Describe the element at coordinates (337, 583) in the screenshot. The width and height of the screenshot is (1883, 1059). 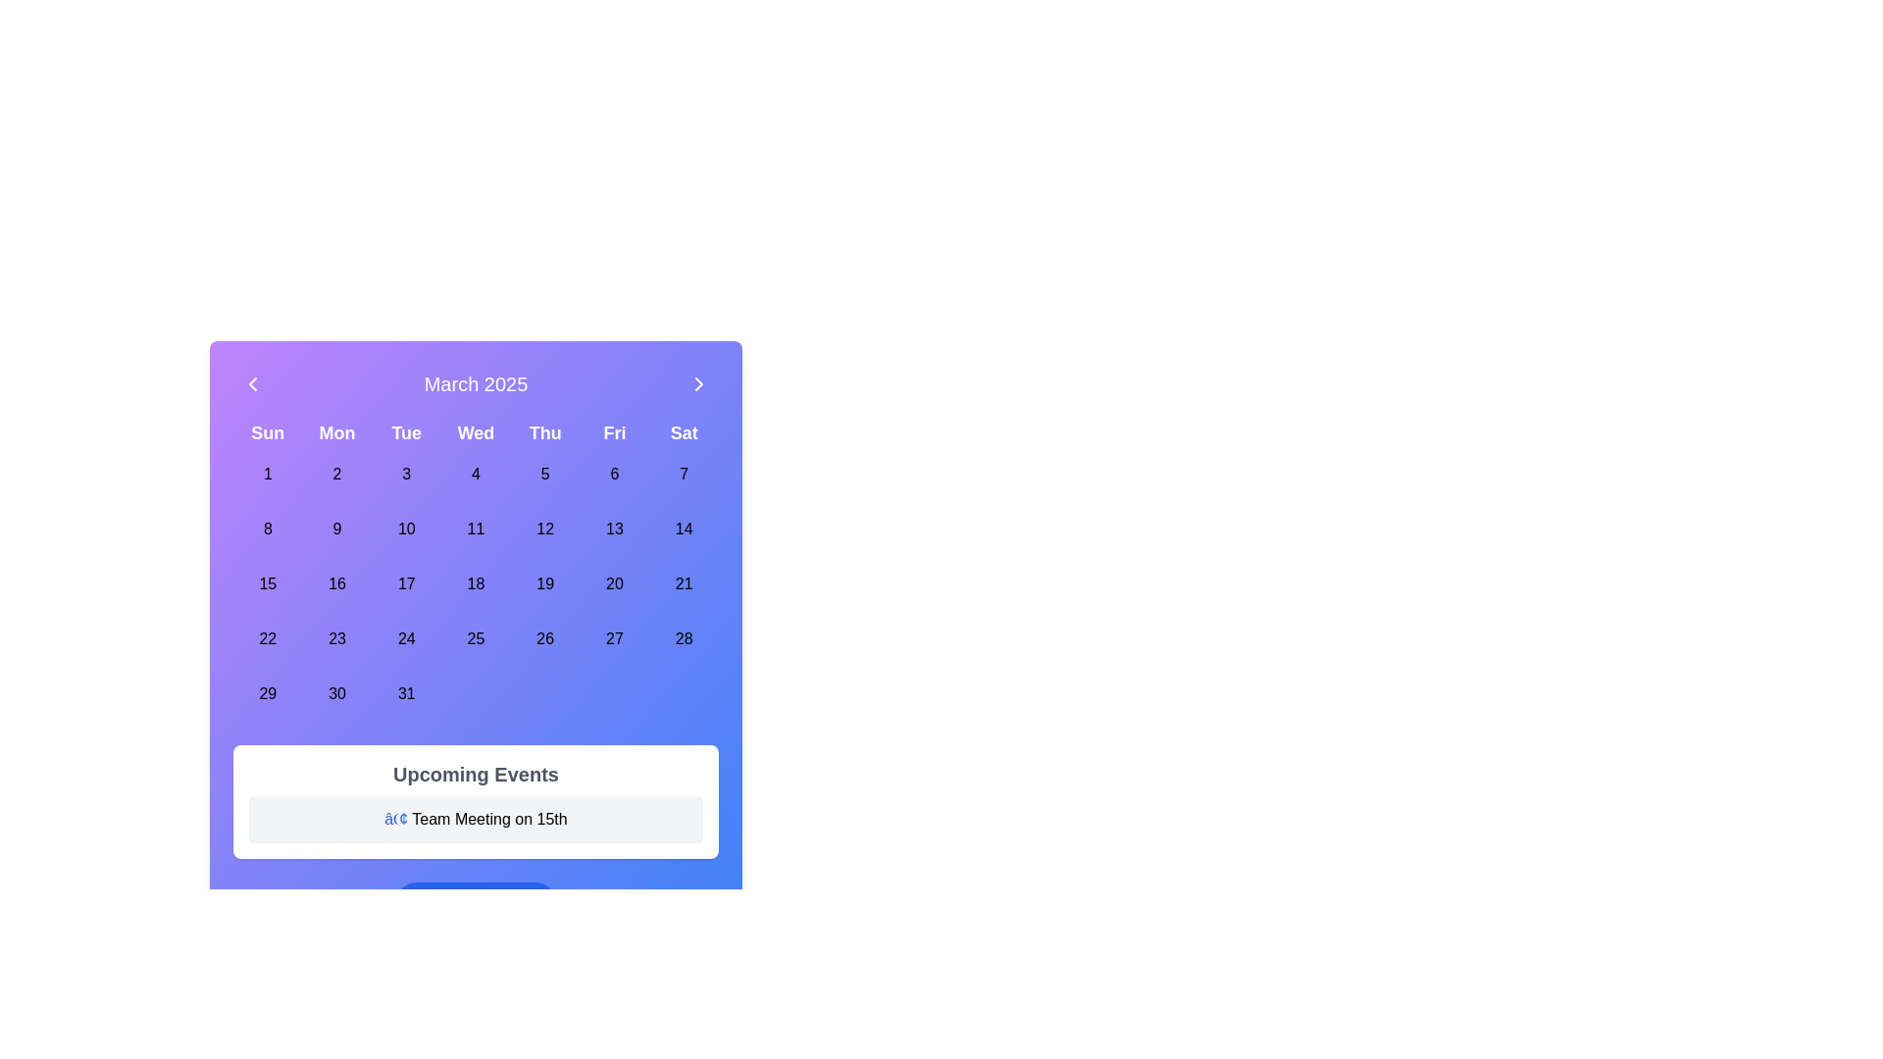
I see `the calendar cell button representing the date '16'` at that location.